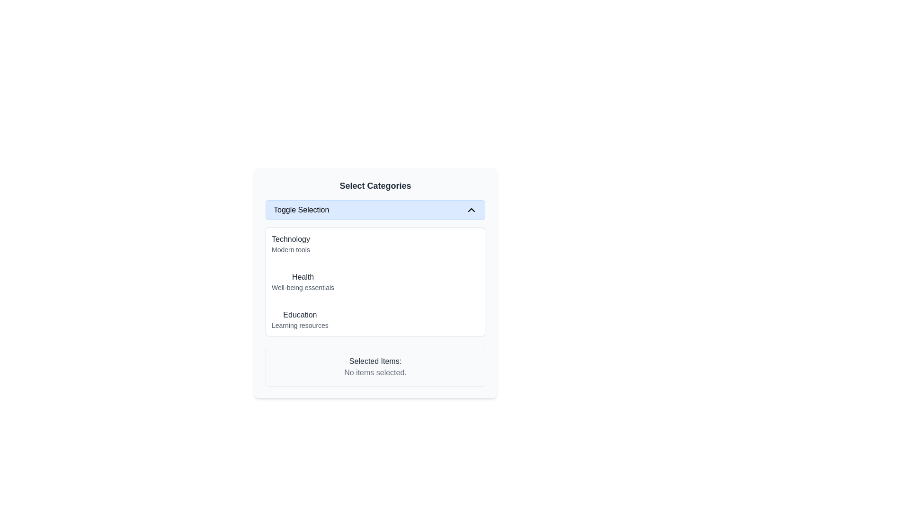 This screenshot has width=909, height=511. I want to click on the 'Technology' category label located at the top of the category selection list, so click(290, 244).